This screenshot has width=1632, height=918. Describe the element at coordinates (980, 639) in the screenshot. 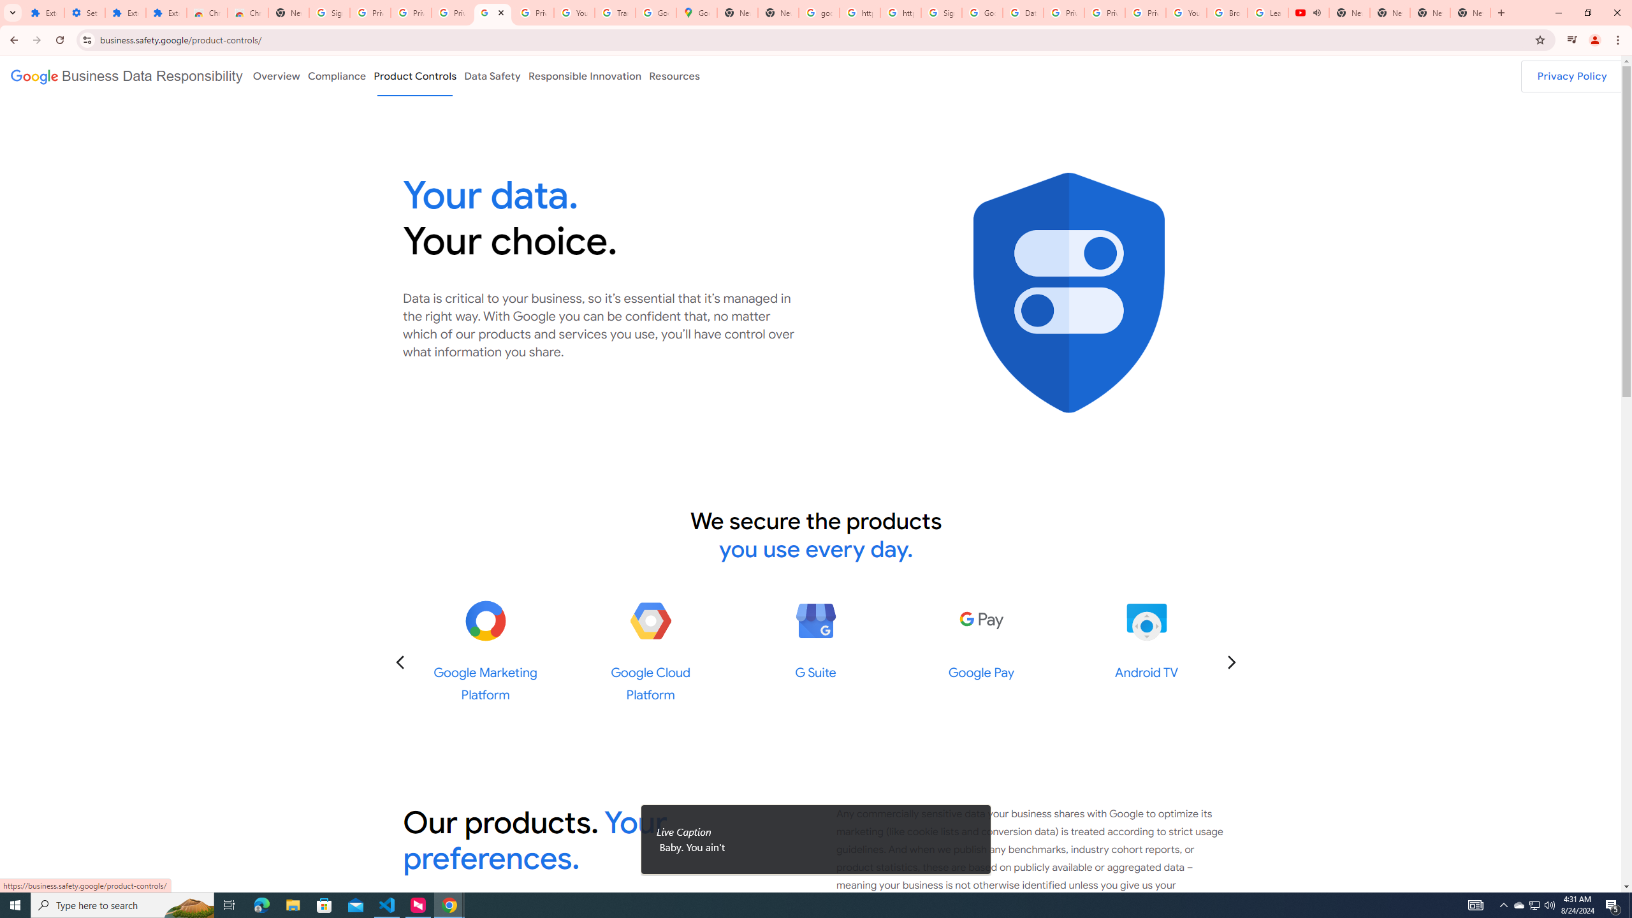

I see `'Google Pay Google Pay'` at that location.